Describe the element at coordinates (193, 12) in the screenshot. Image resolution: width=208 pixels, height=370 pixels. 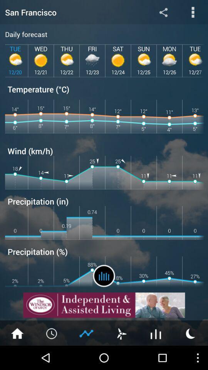
I see `open settings` at that location.